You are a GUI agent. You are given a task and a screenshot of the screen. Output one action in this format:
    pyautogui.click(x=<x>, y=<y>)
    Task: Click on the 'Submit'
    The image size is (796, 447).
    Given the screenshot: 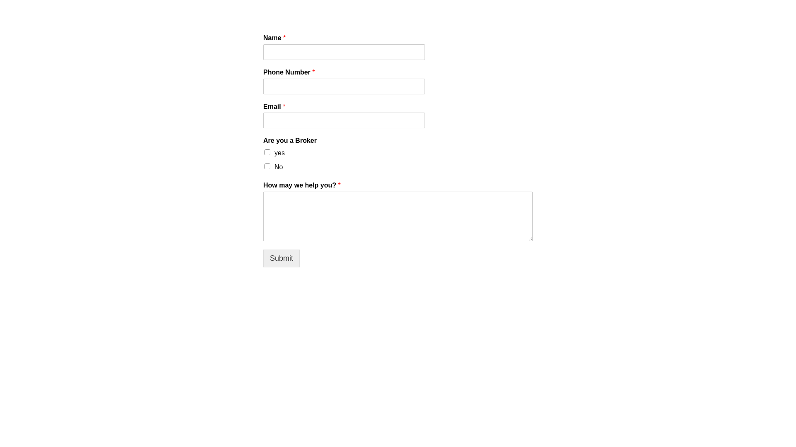 What is the action you would take?
    pyautogui.click(x=281, y=258)
    